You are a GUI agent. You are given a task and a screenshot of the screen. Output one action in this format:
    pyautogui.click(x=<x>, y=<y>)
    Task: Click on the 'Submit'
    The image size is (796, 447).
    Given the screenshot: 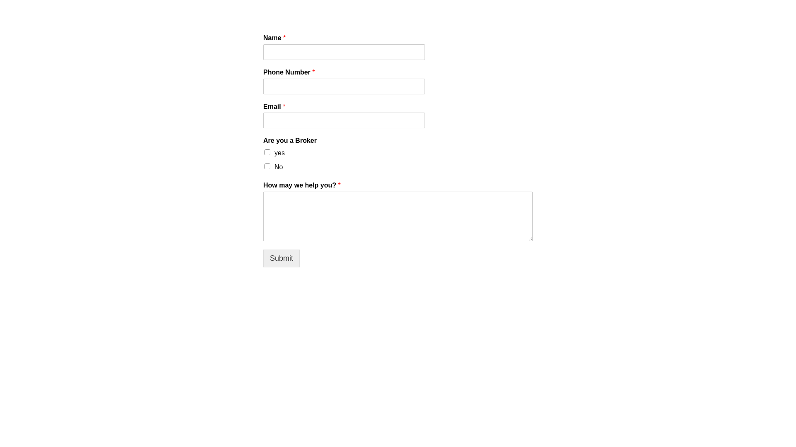 What is the action you would take?
    pyautogui.click(x=281, y=258)
    